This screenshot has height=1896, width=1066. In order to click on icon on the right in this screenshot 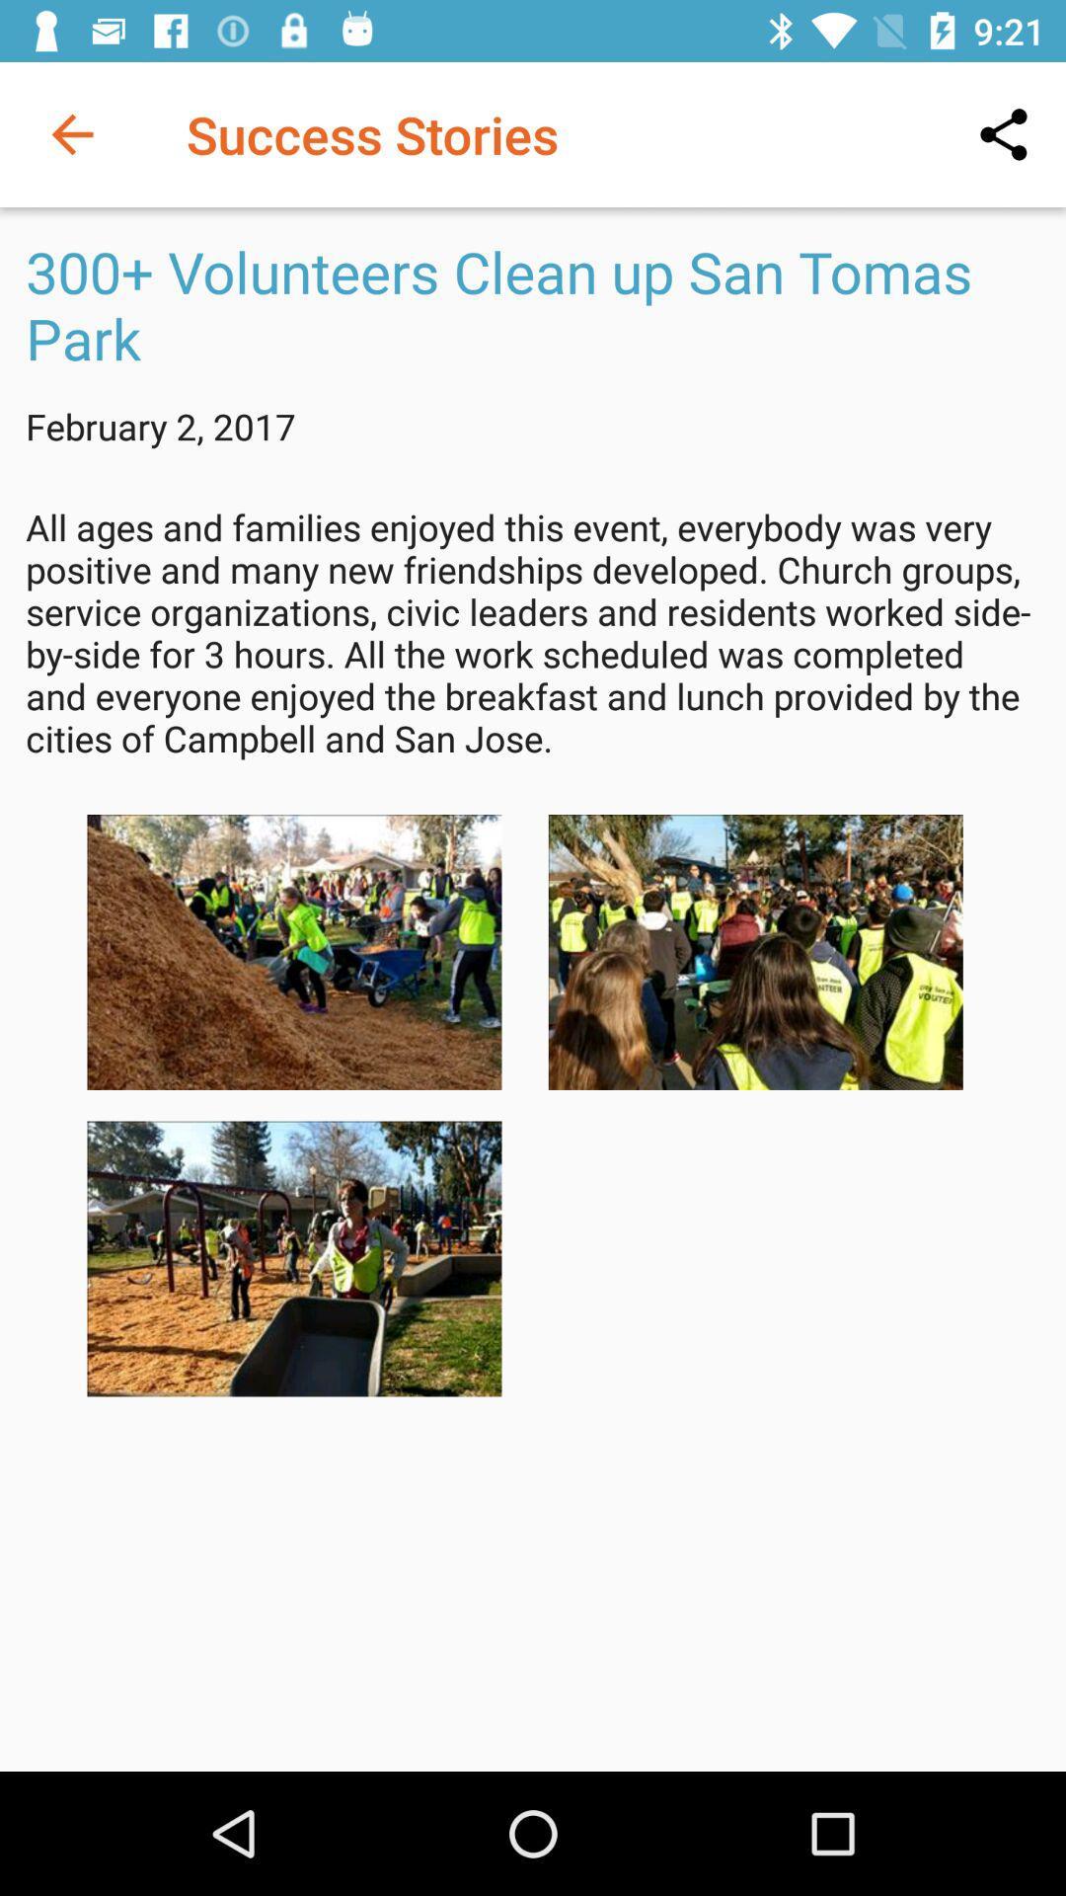, I will do `click(755, 952)`.